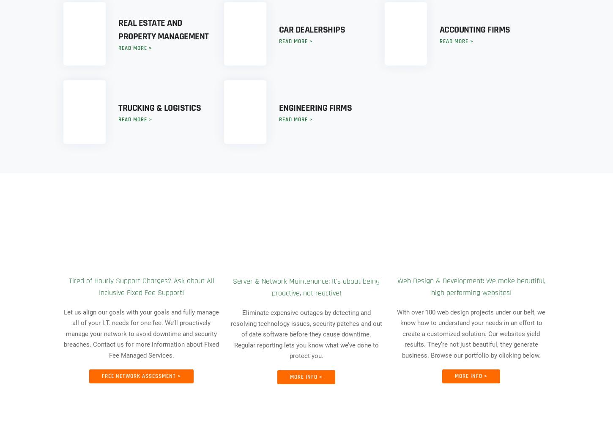 Image resolution: width=613 pixels, height=421 pixels. What do you see at coordinates (163, 30) in the screenshot?
I see `'REAL ESTATE AND PROPERTY MANAGEMENT'` at bounding box center [163, 30].